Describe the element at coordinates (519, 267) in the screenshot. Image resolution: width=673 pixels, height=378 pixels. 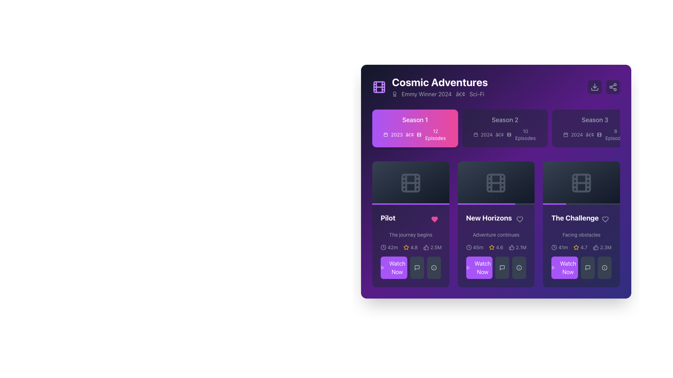
I see `the information icon button located in the bottom-right of 'The Challenge' item box` at that location.